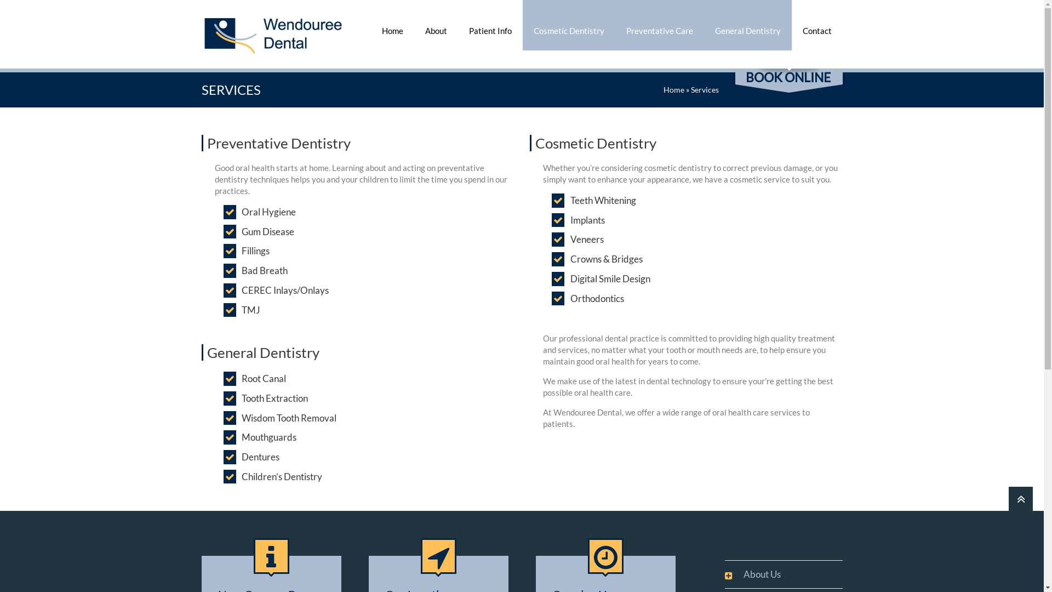 The width and height of the screenshot is (1052, 592). I want to click on 'Cosmetic Dentistry', so click(569, 25).